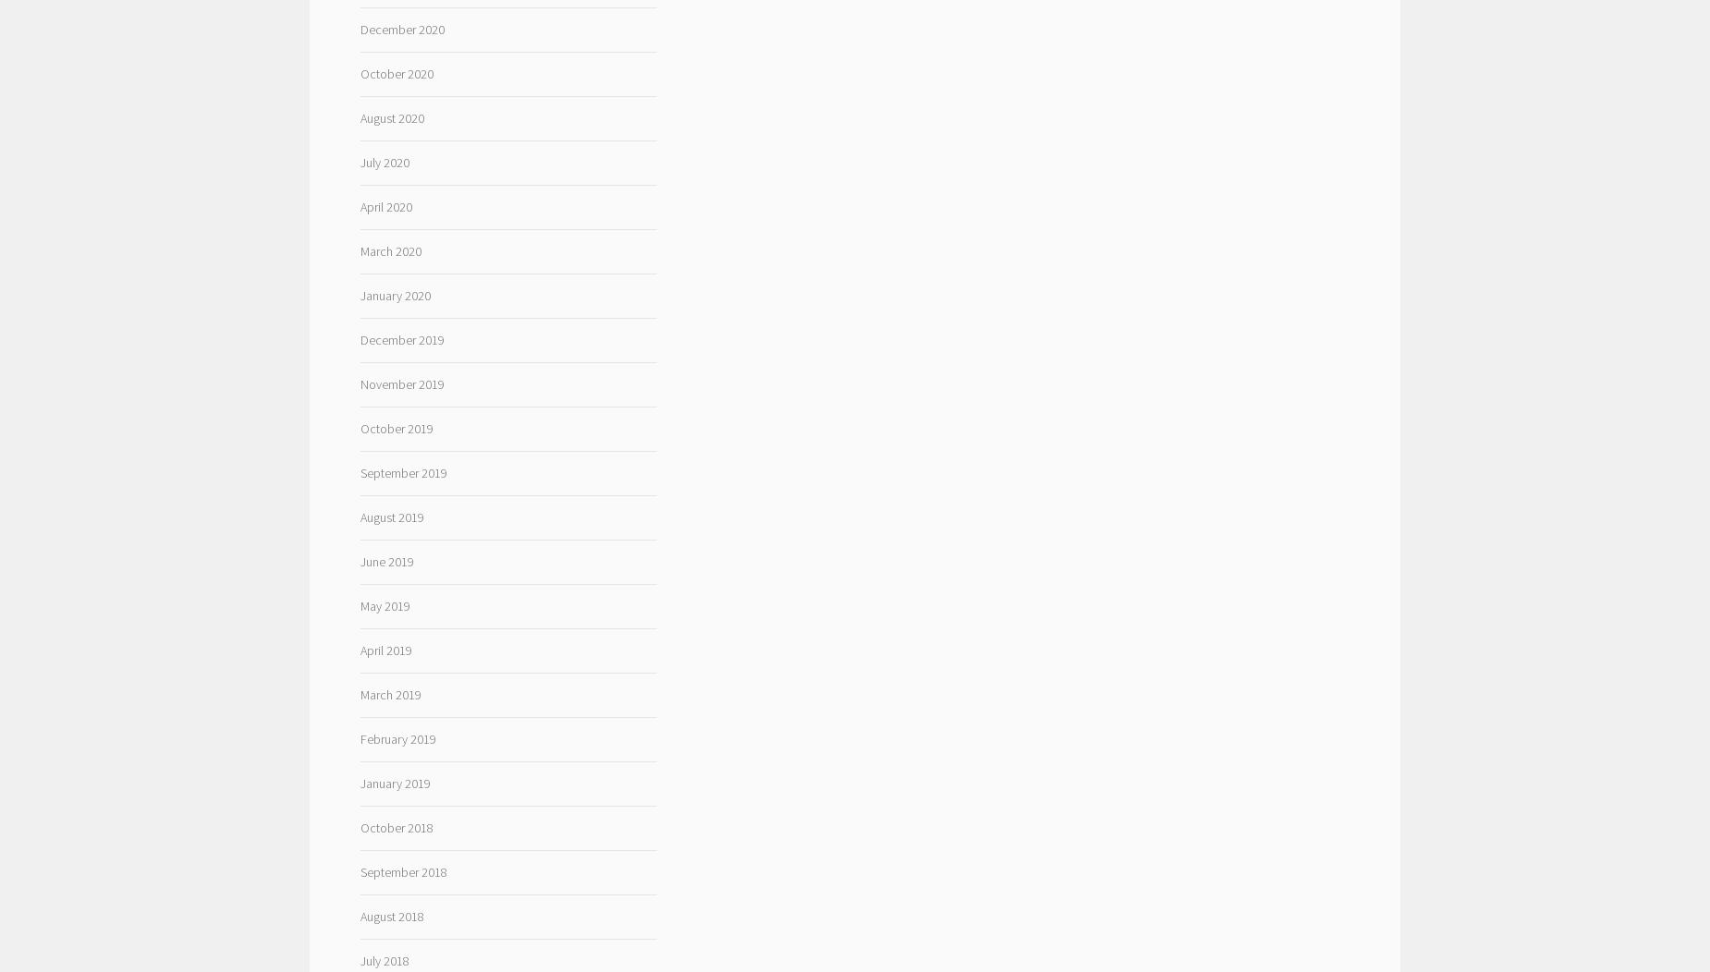 The height and width of the screenshot is (972, 1710). What do you see at coordinates (390, 118) in the screenshot?
I see `'August 2020'` at bounding box center [390, 118].